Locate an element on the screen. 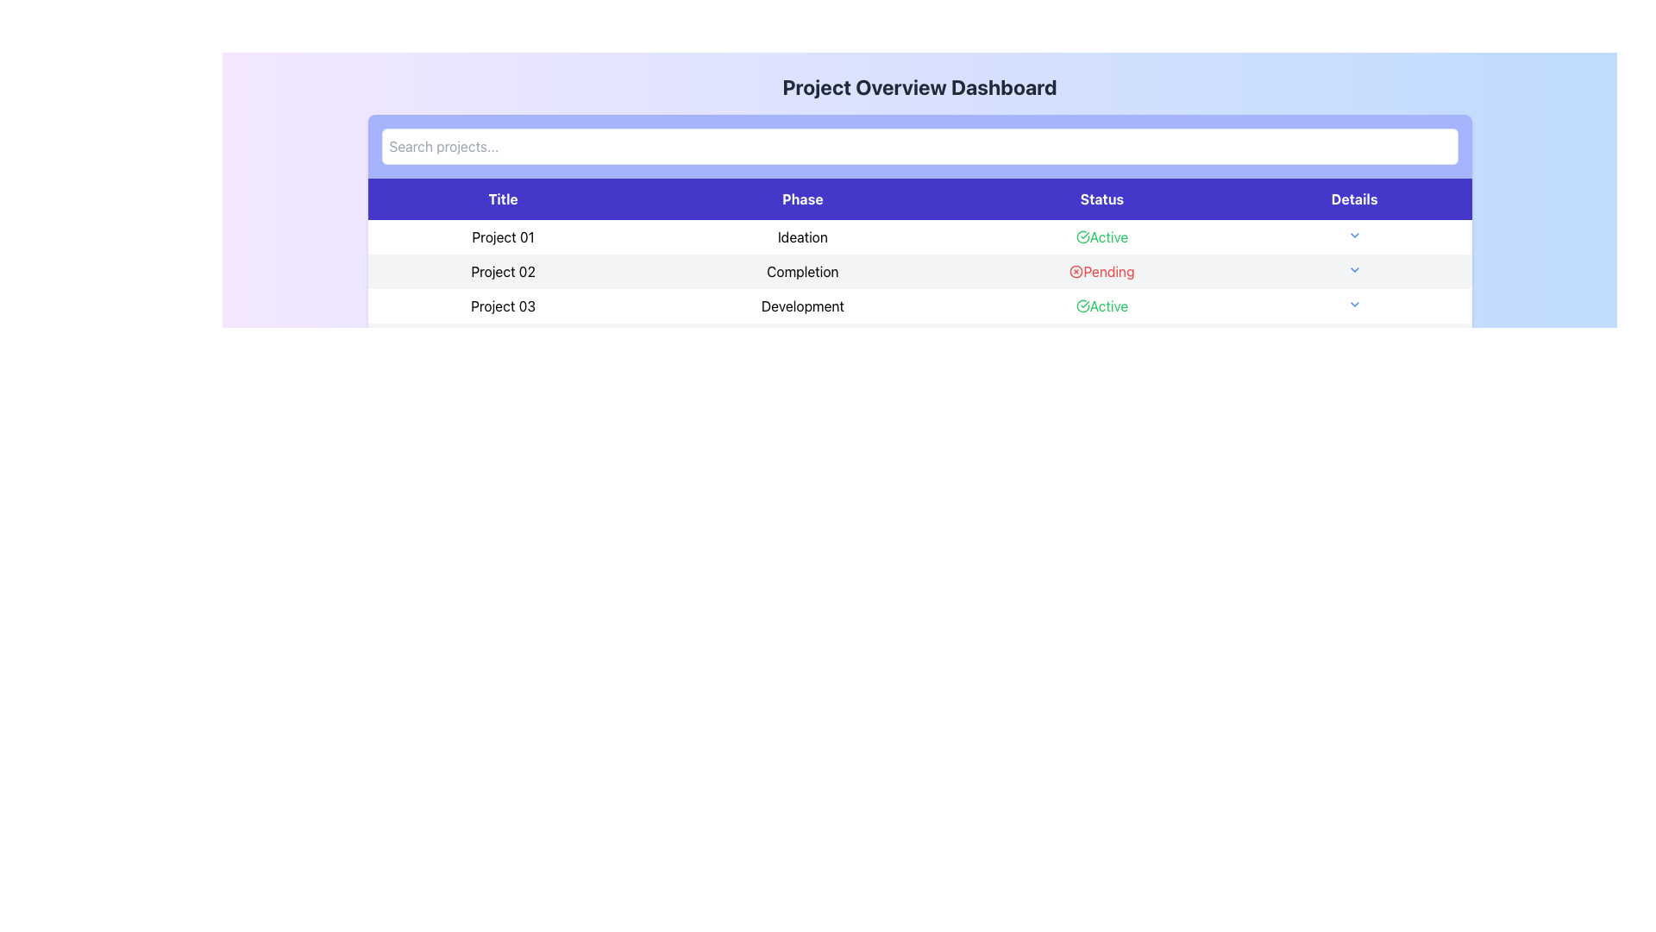  the chevron icon button located in the 'Details' column of the third row, next to the green 'Active' status text is located at coordinates (1353, 304).